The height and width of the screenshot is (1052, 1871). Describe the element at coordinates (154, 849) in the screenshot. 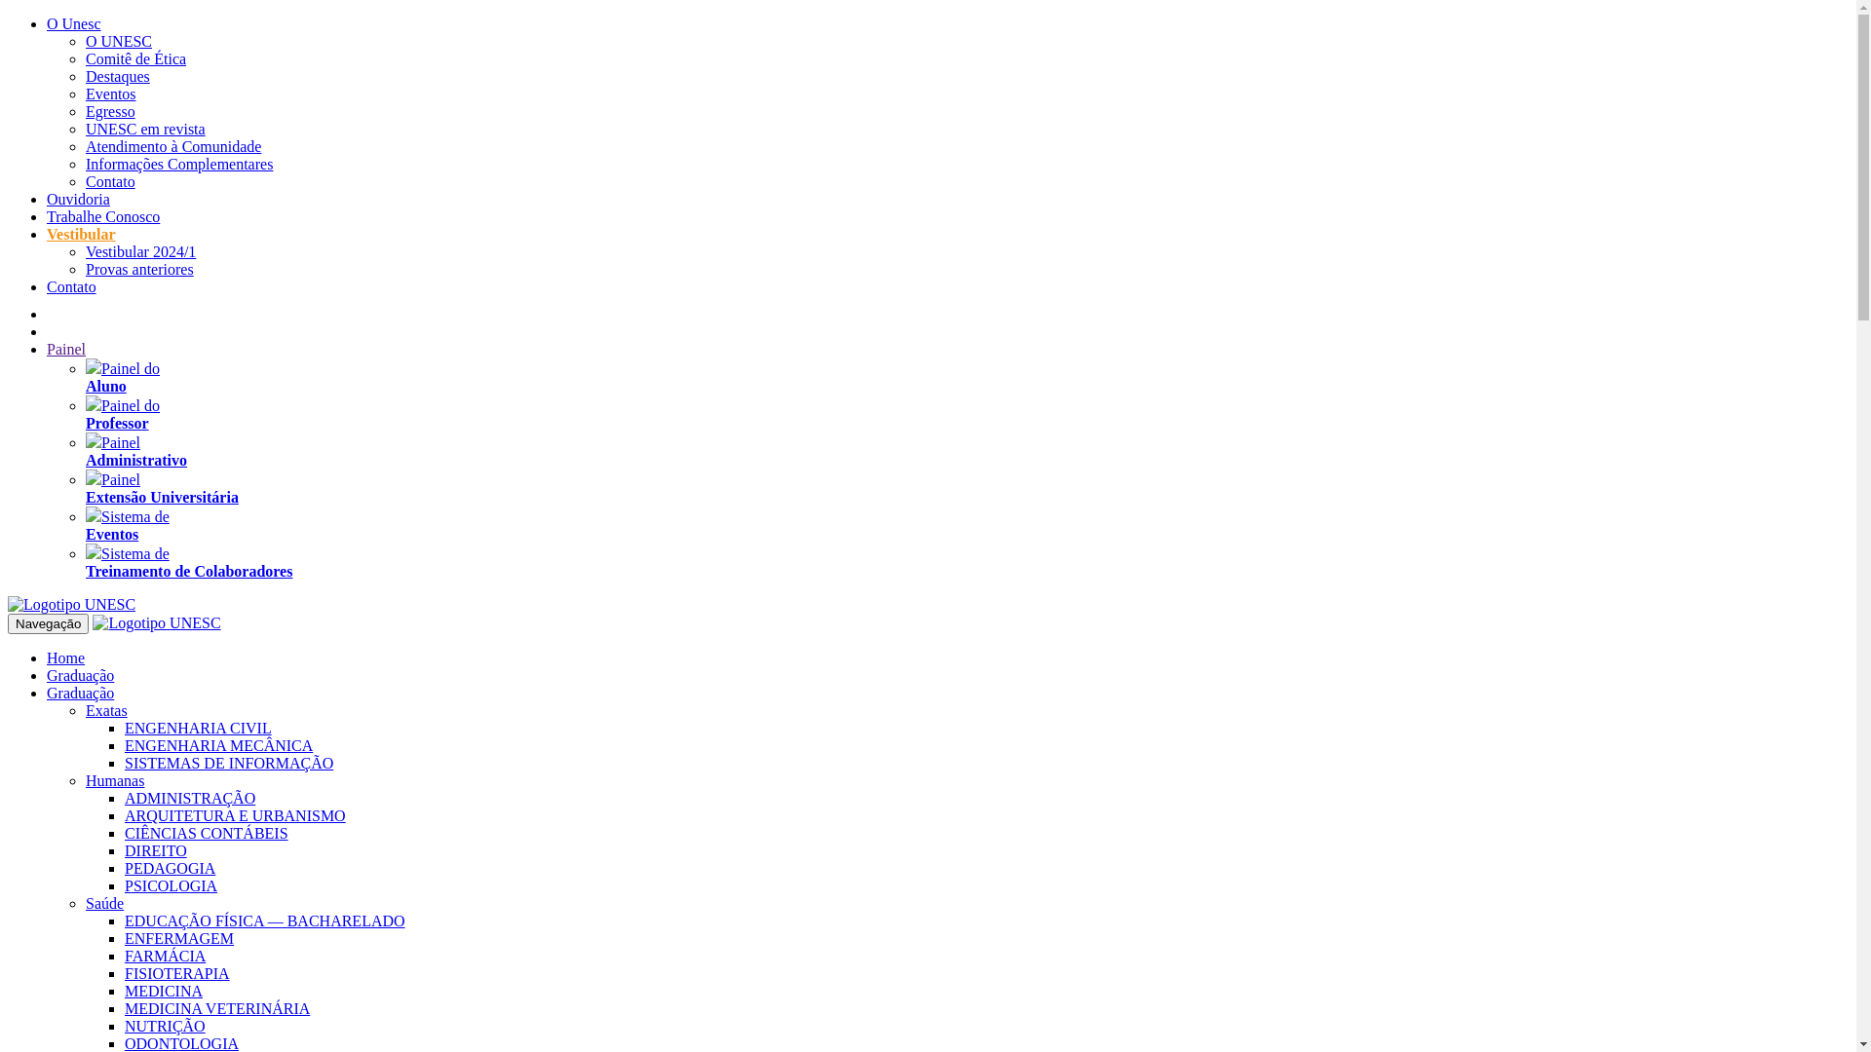

I see `'DIREITO'` at that location.